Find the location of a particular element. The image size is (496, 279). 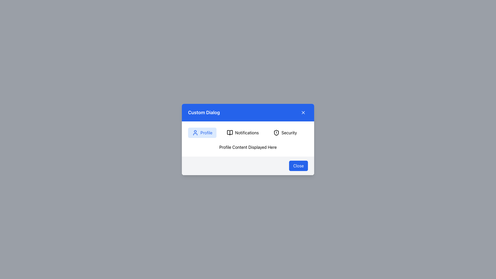

Notifications icon located immediately to the left of the Notifications button to view its properties is located at coordinates (230, 132).